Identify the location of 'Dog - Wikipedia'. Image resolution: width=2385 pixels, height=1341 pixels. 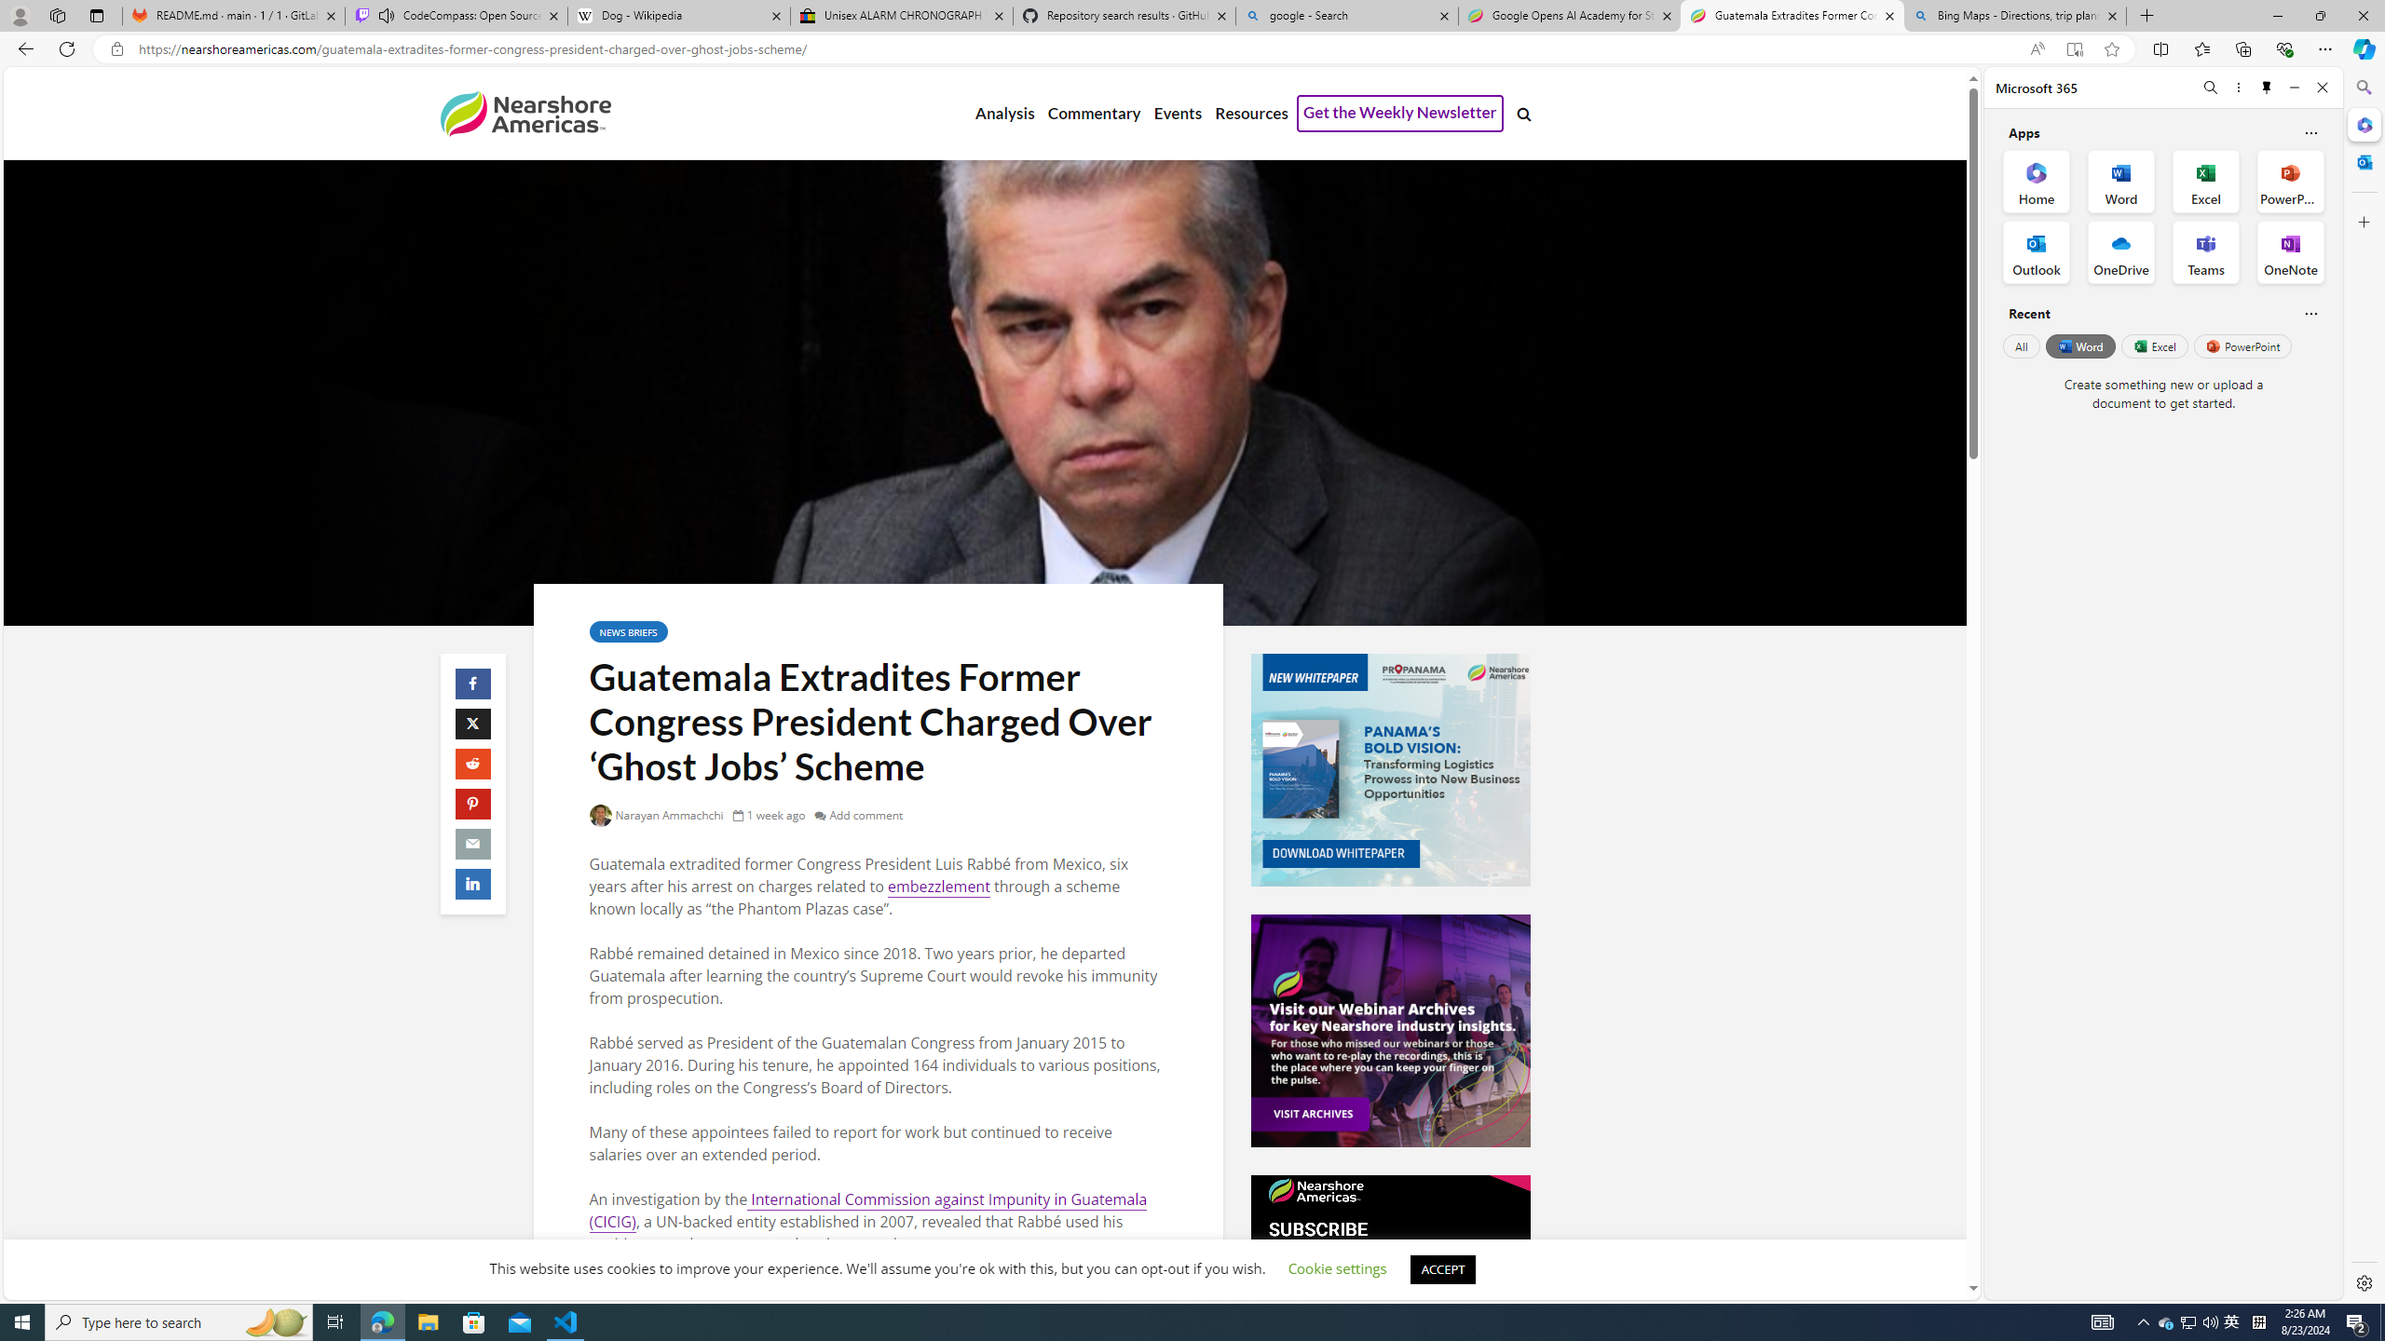
(679, 15).